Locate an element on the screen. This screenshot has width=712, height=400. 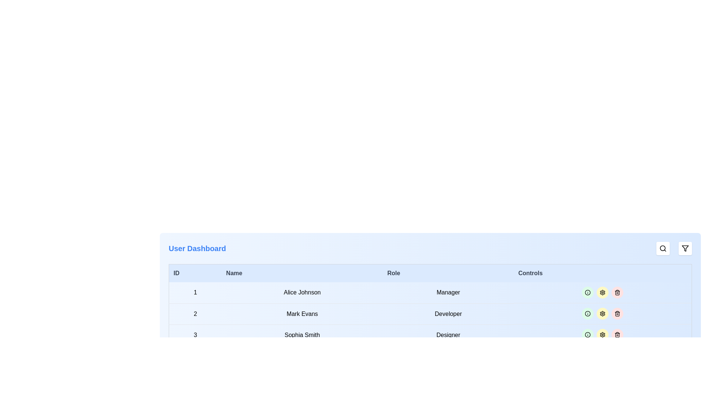
the settings icon in the 'Controls' column of the third row of the table, which is located within a yellow circular background is located at coordinates (603, 292).